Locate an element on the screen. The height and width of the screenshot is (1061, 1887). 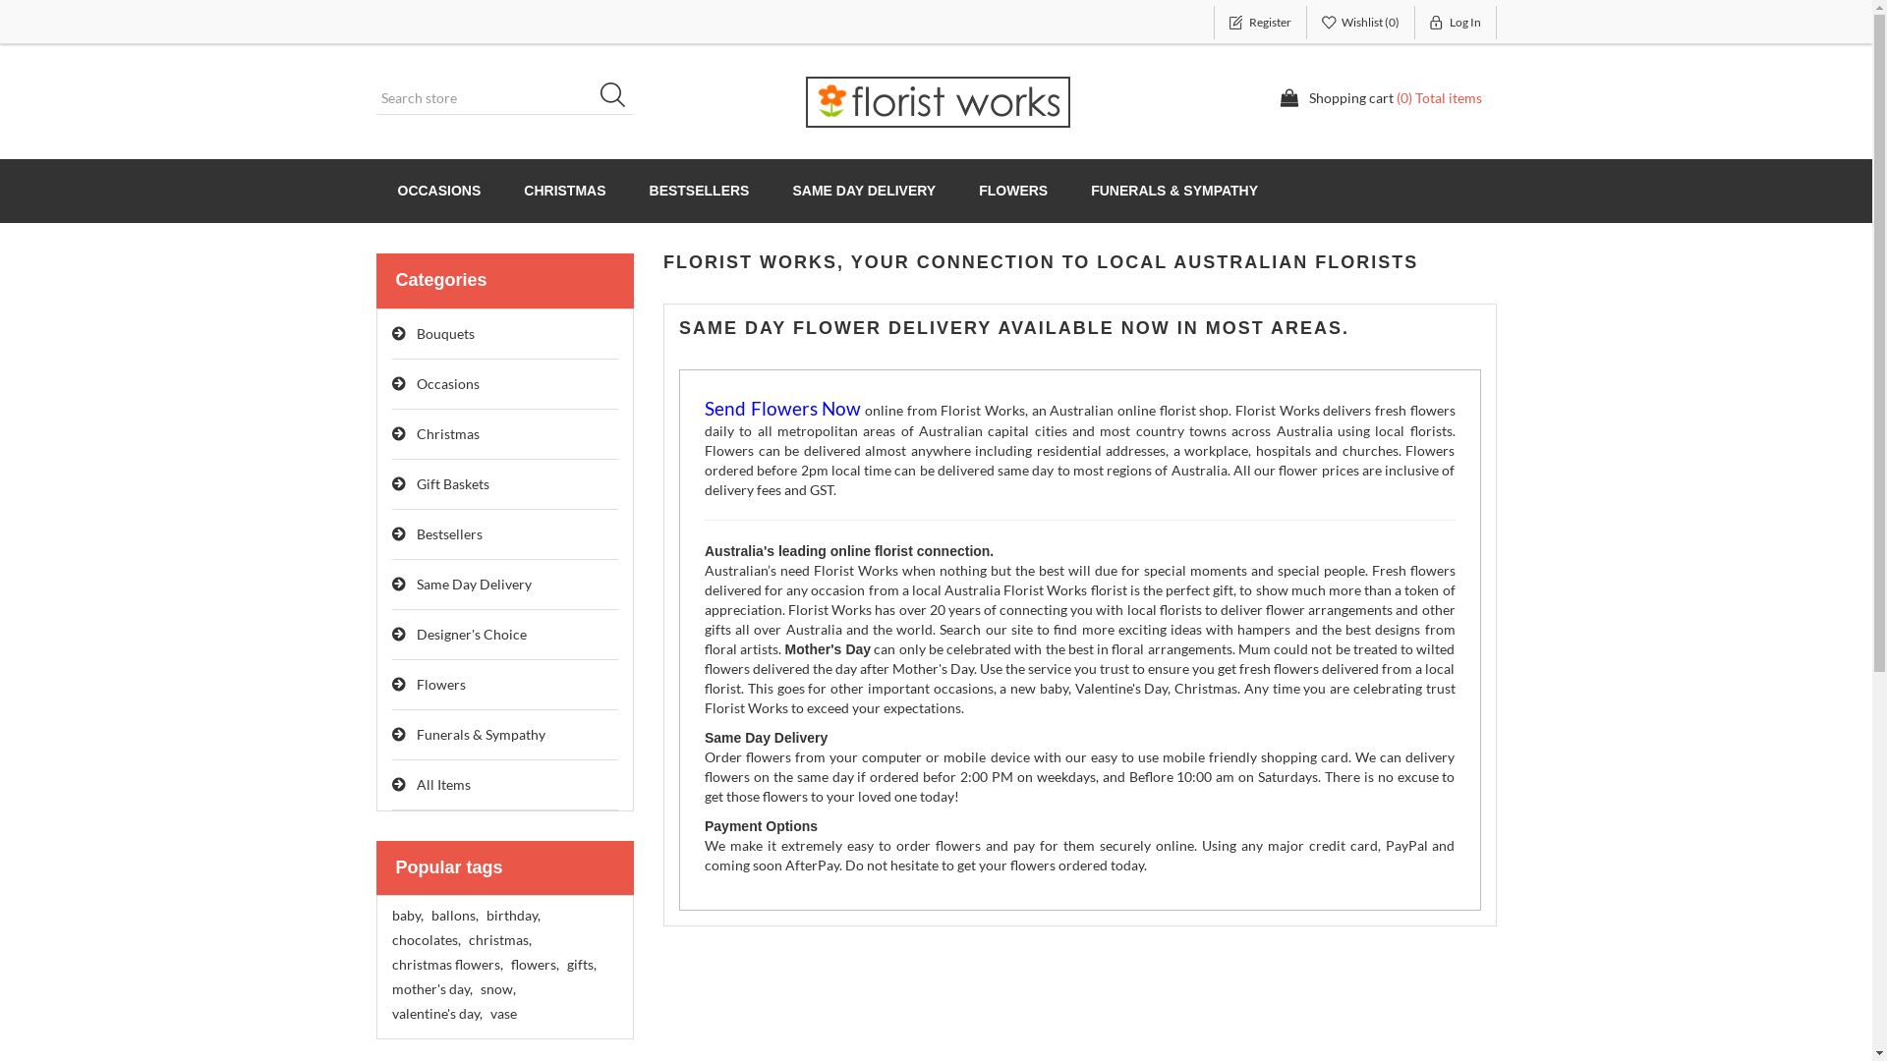
'CHRISTMAS' is located at coordinates (563, 191).